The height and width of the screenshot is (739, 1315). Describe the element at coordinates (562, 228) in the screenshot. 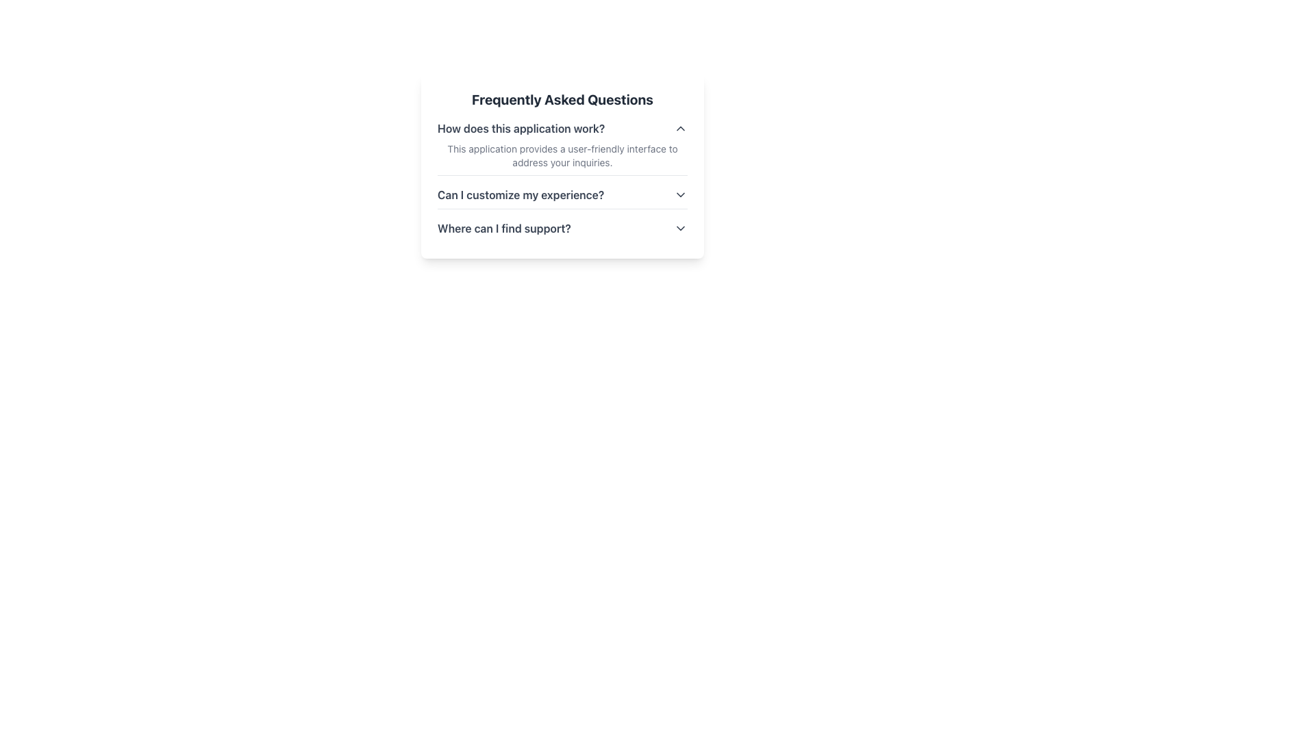

I see `the Dropdown Header labeled 'Where can I find support?'` at that location.